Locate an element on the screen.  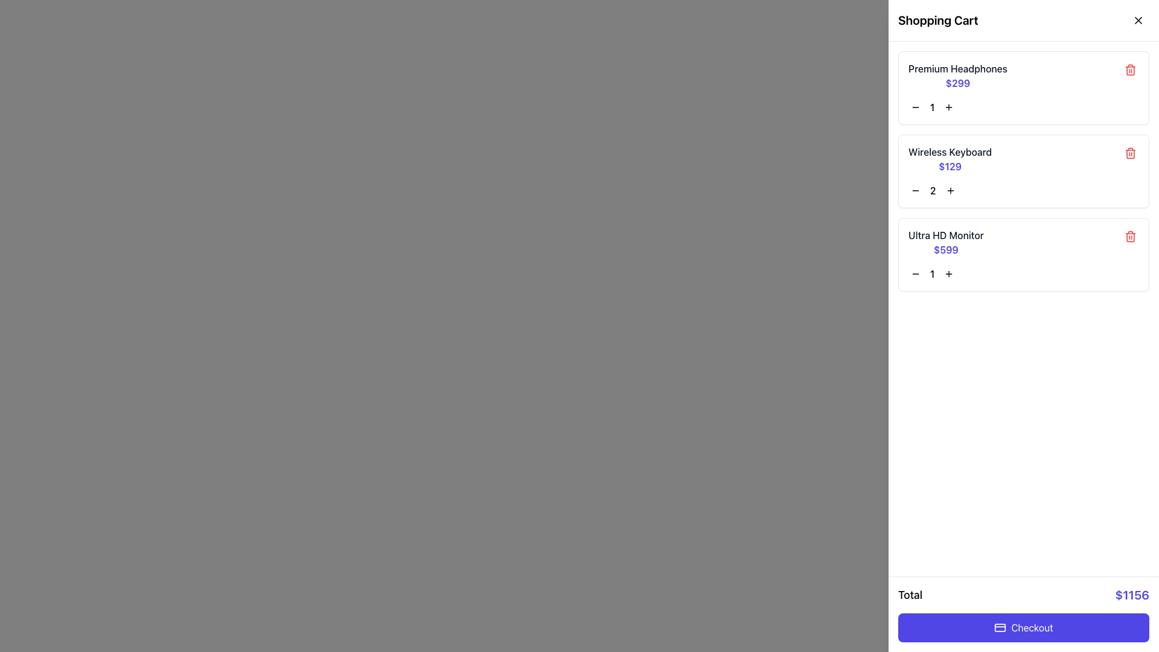
product price of the Shopping cart list item titled 'Wireless Keyboard', which is displayed as '$129' in bold indigo font is located at coordinates (1023, 158).